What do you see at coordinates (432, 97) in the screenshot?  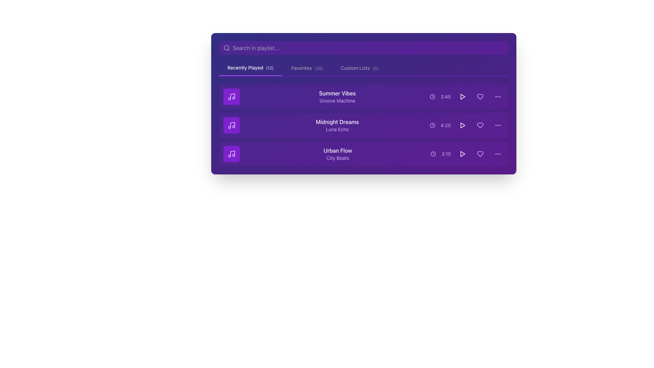 I see `the design of the circular clock icon element that signifies time, located near the duration of the track 'Summer Vibes' in the recently played songs list` at bounding box center [432, 97].